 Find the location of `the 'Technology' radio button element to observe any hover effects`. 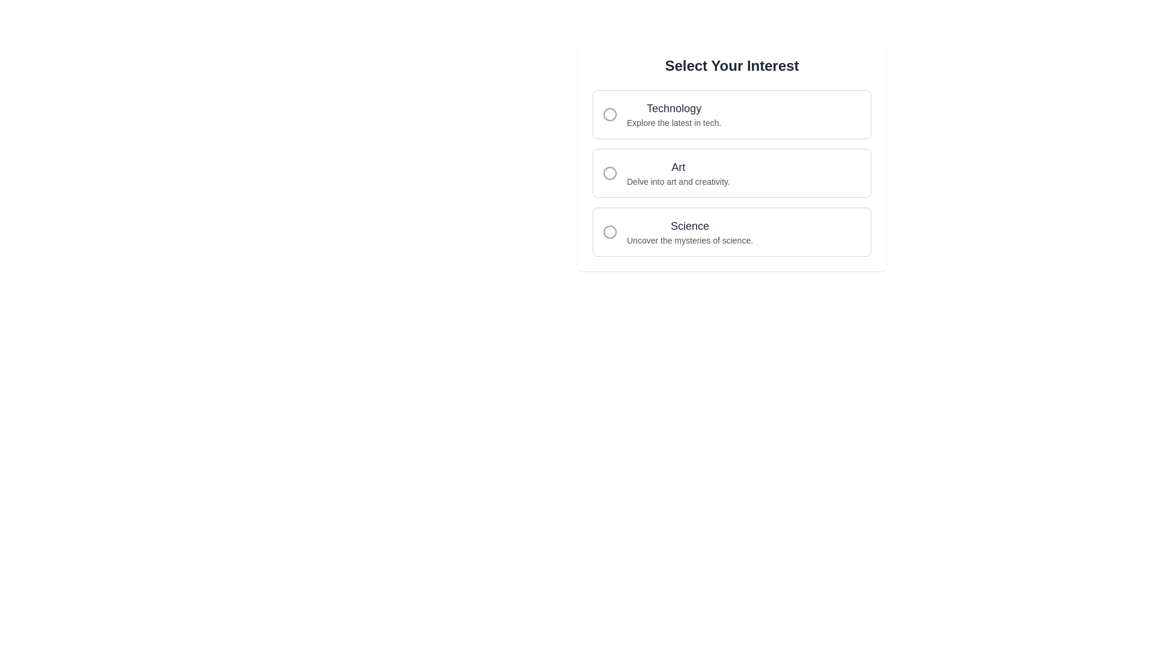

the 'Technology' radio button element to observe any hover effects is located at coordinates (731, 115).